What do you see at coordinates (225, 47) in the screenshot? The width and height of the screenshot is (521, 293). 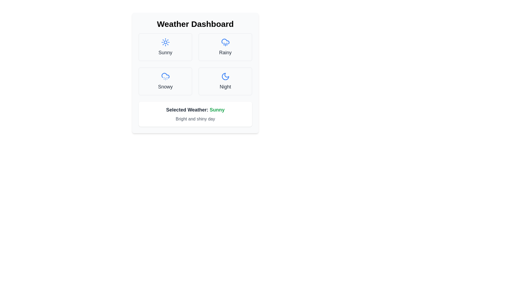 I see `the rectangular button with a white background, gray border, blue cloud icon, and 'Rainy' text` at bounding box center [225, 47].